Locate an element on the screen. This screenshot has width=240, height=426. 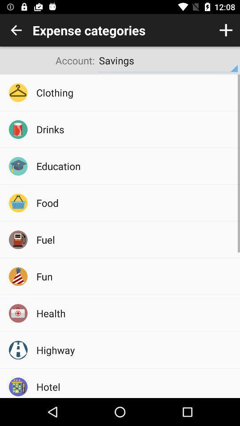
icon with road is located at coordinates (18, 350).